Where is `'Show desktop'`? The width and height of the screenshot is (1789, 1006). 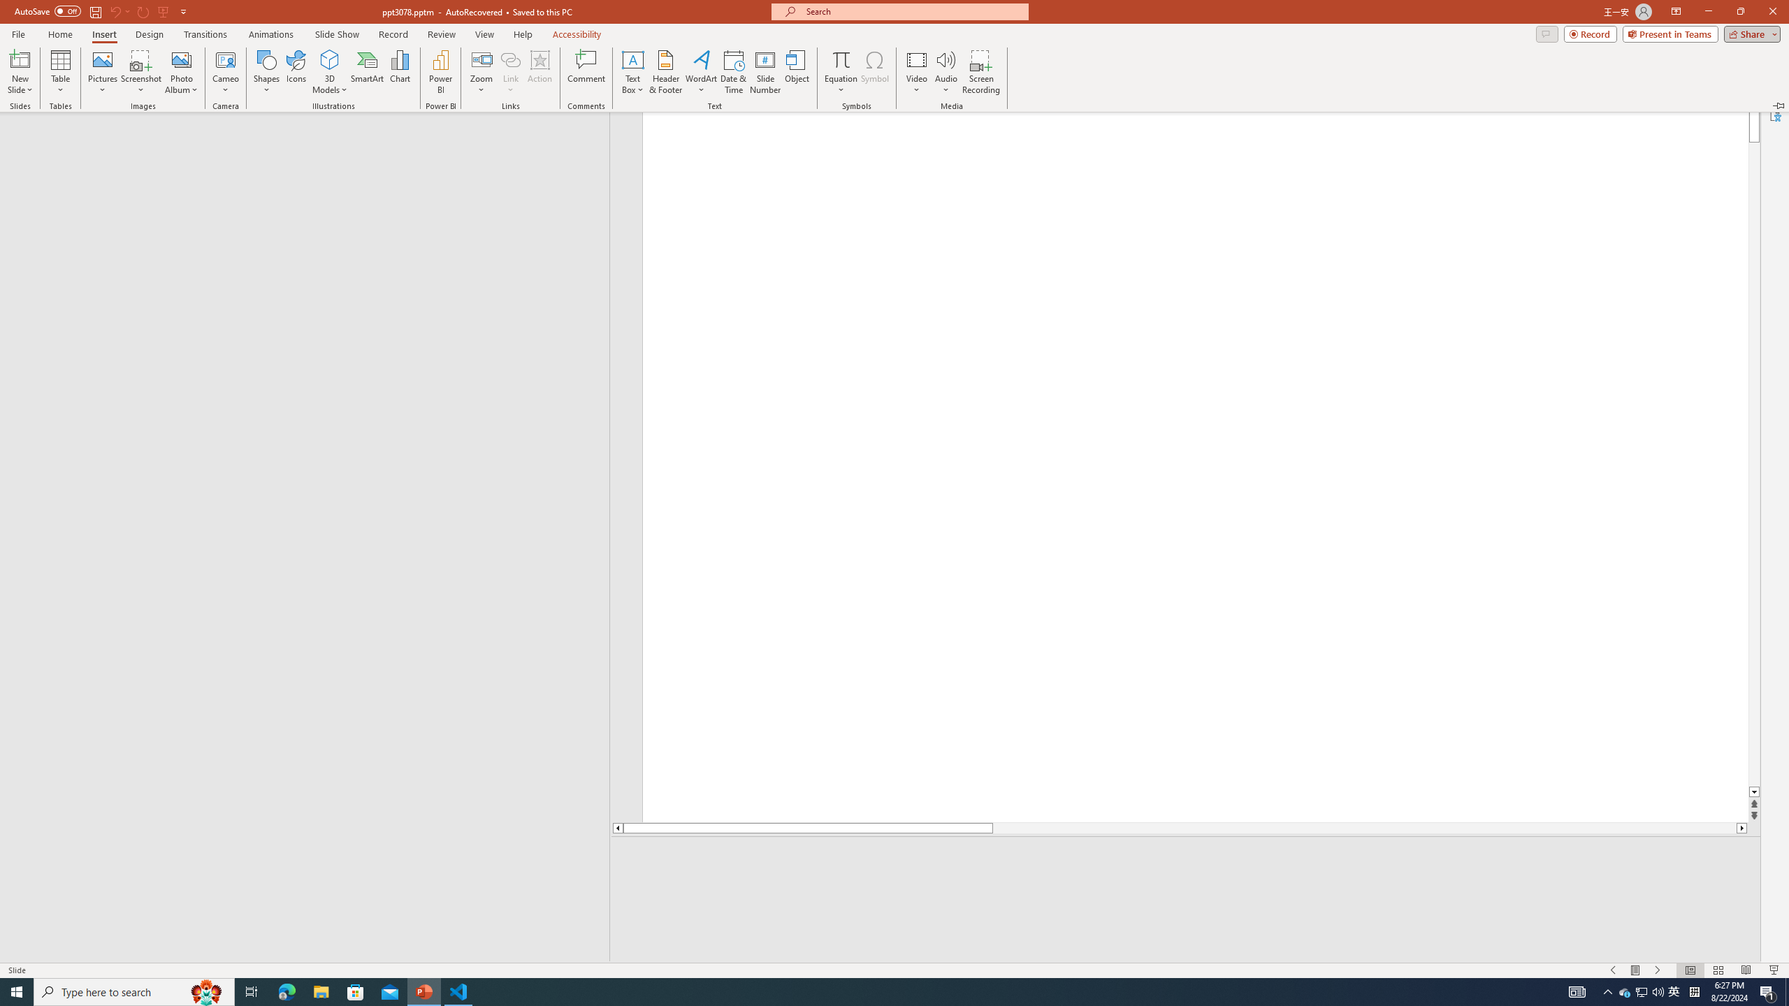
'Show desktop' is located at coordinates (1786, 991).